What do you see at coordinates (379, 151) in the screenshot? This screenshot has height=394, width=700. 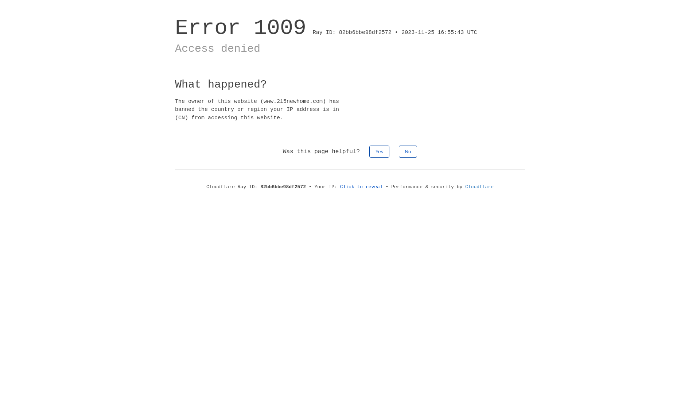 I see `'Yes'` at bounding box center [379, 151].